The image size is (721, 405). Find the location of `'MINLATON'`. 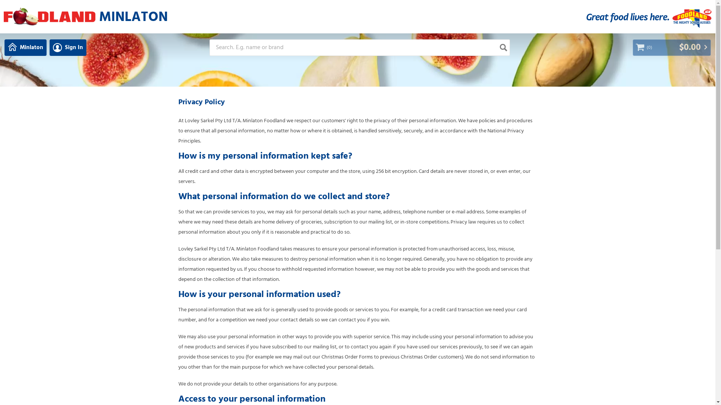

'MINLATON' is located at coordinates (130, 16).